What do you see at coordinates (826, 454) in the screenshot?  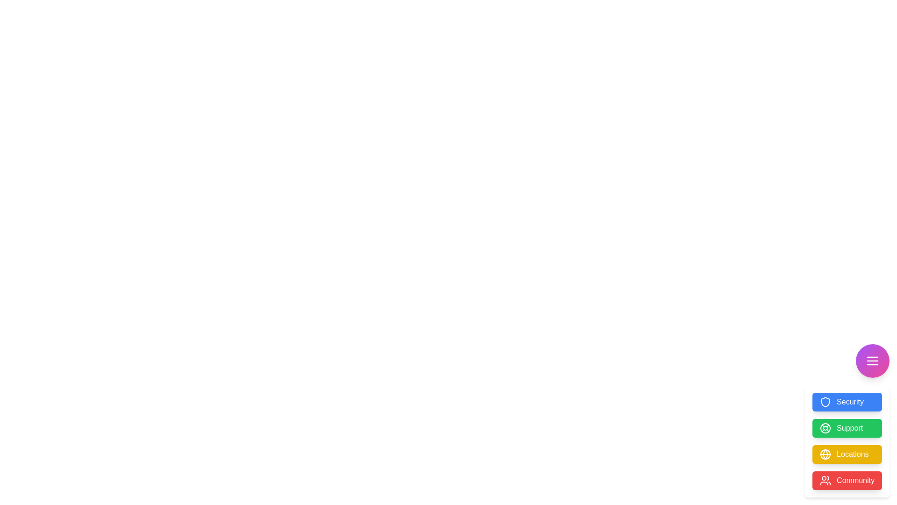 I see `the yellow globe icon located to the left of the 'Locations' text in the vertical menu at the bottom-right corner of the interface` at bounding box center [826, 454].